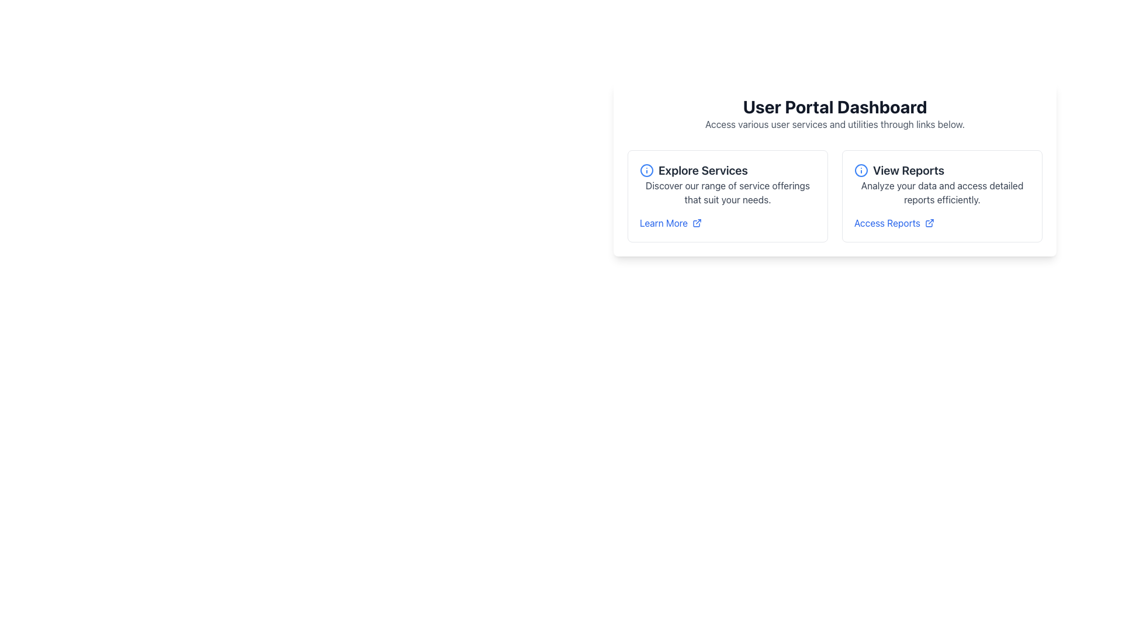  I want to click on the header text element with an accompanying icon that introduces the section about accessing detailed reports, located at the top of the right card in a two-card layout, so click(942, 171).